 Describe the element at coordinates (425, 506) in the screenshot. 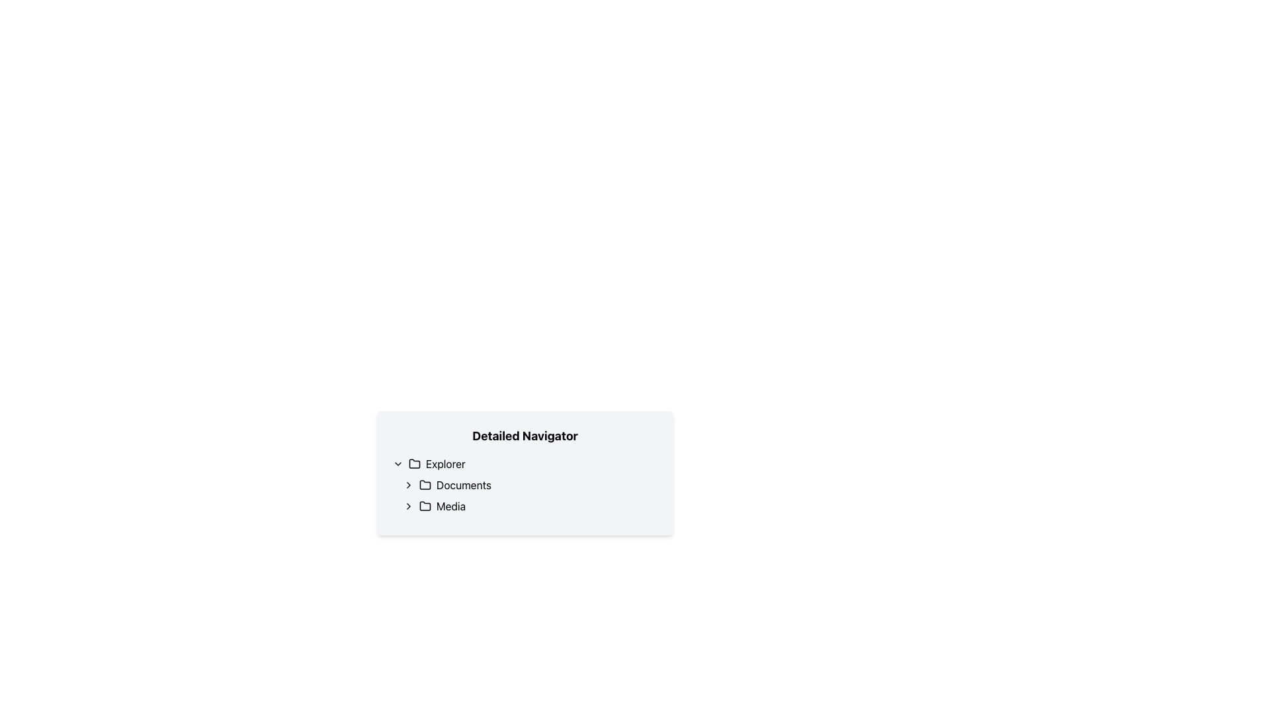

I see `the folder SVG icon representing the 'Media' label` at that location.